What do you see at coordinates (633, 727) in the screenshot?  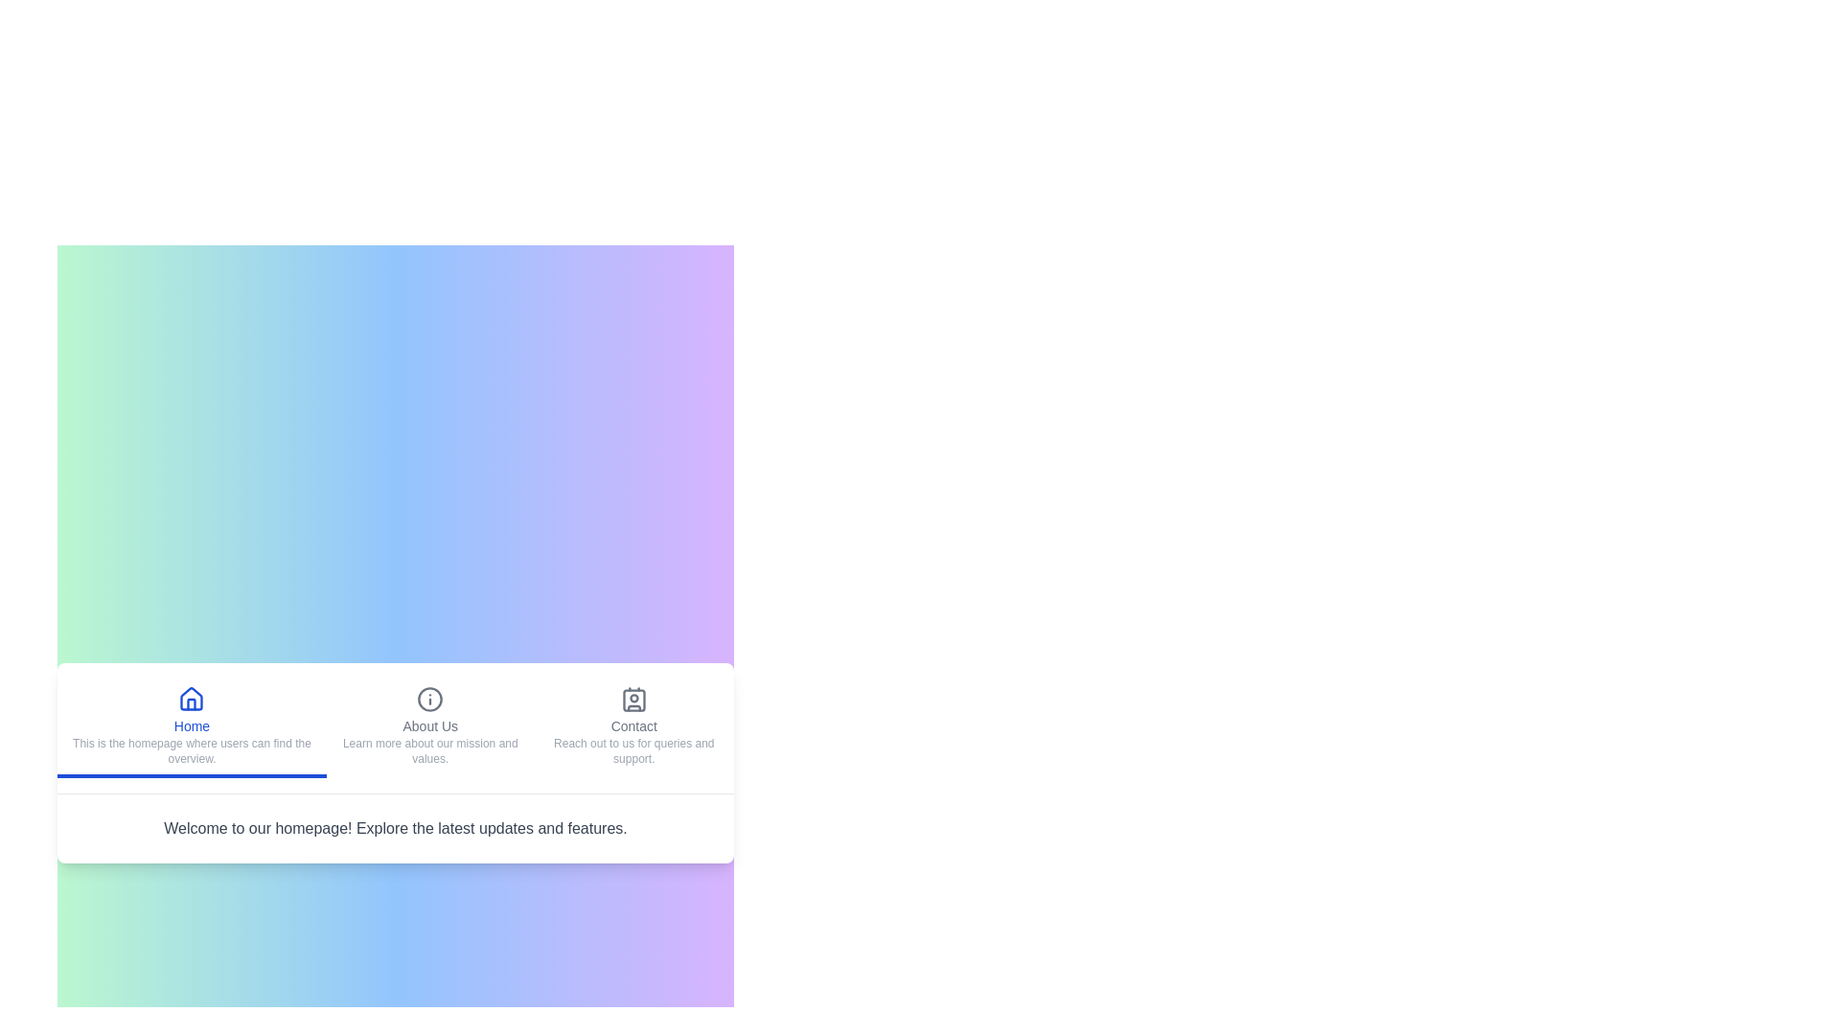 I see `the Contact tab to navigate to its content` at bounding box center [633, 727].